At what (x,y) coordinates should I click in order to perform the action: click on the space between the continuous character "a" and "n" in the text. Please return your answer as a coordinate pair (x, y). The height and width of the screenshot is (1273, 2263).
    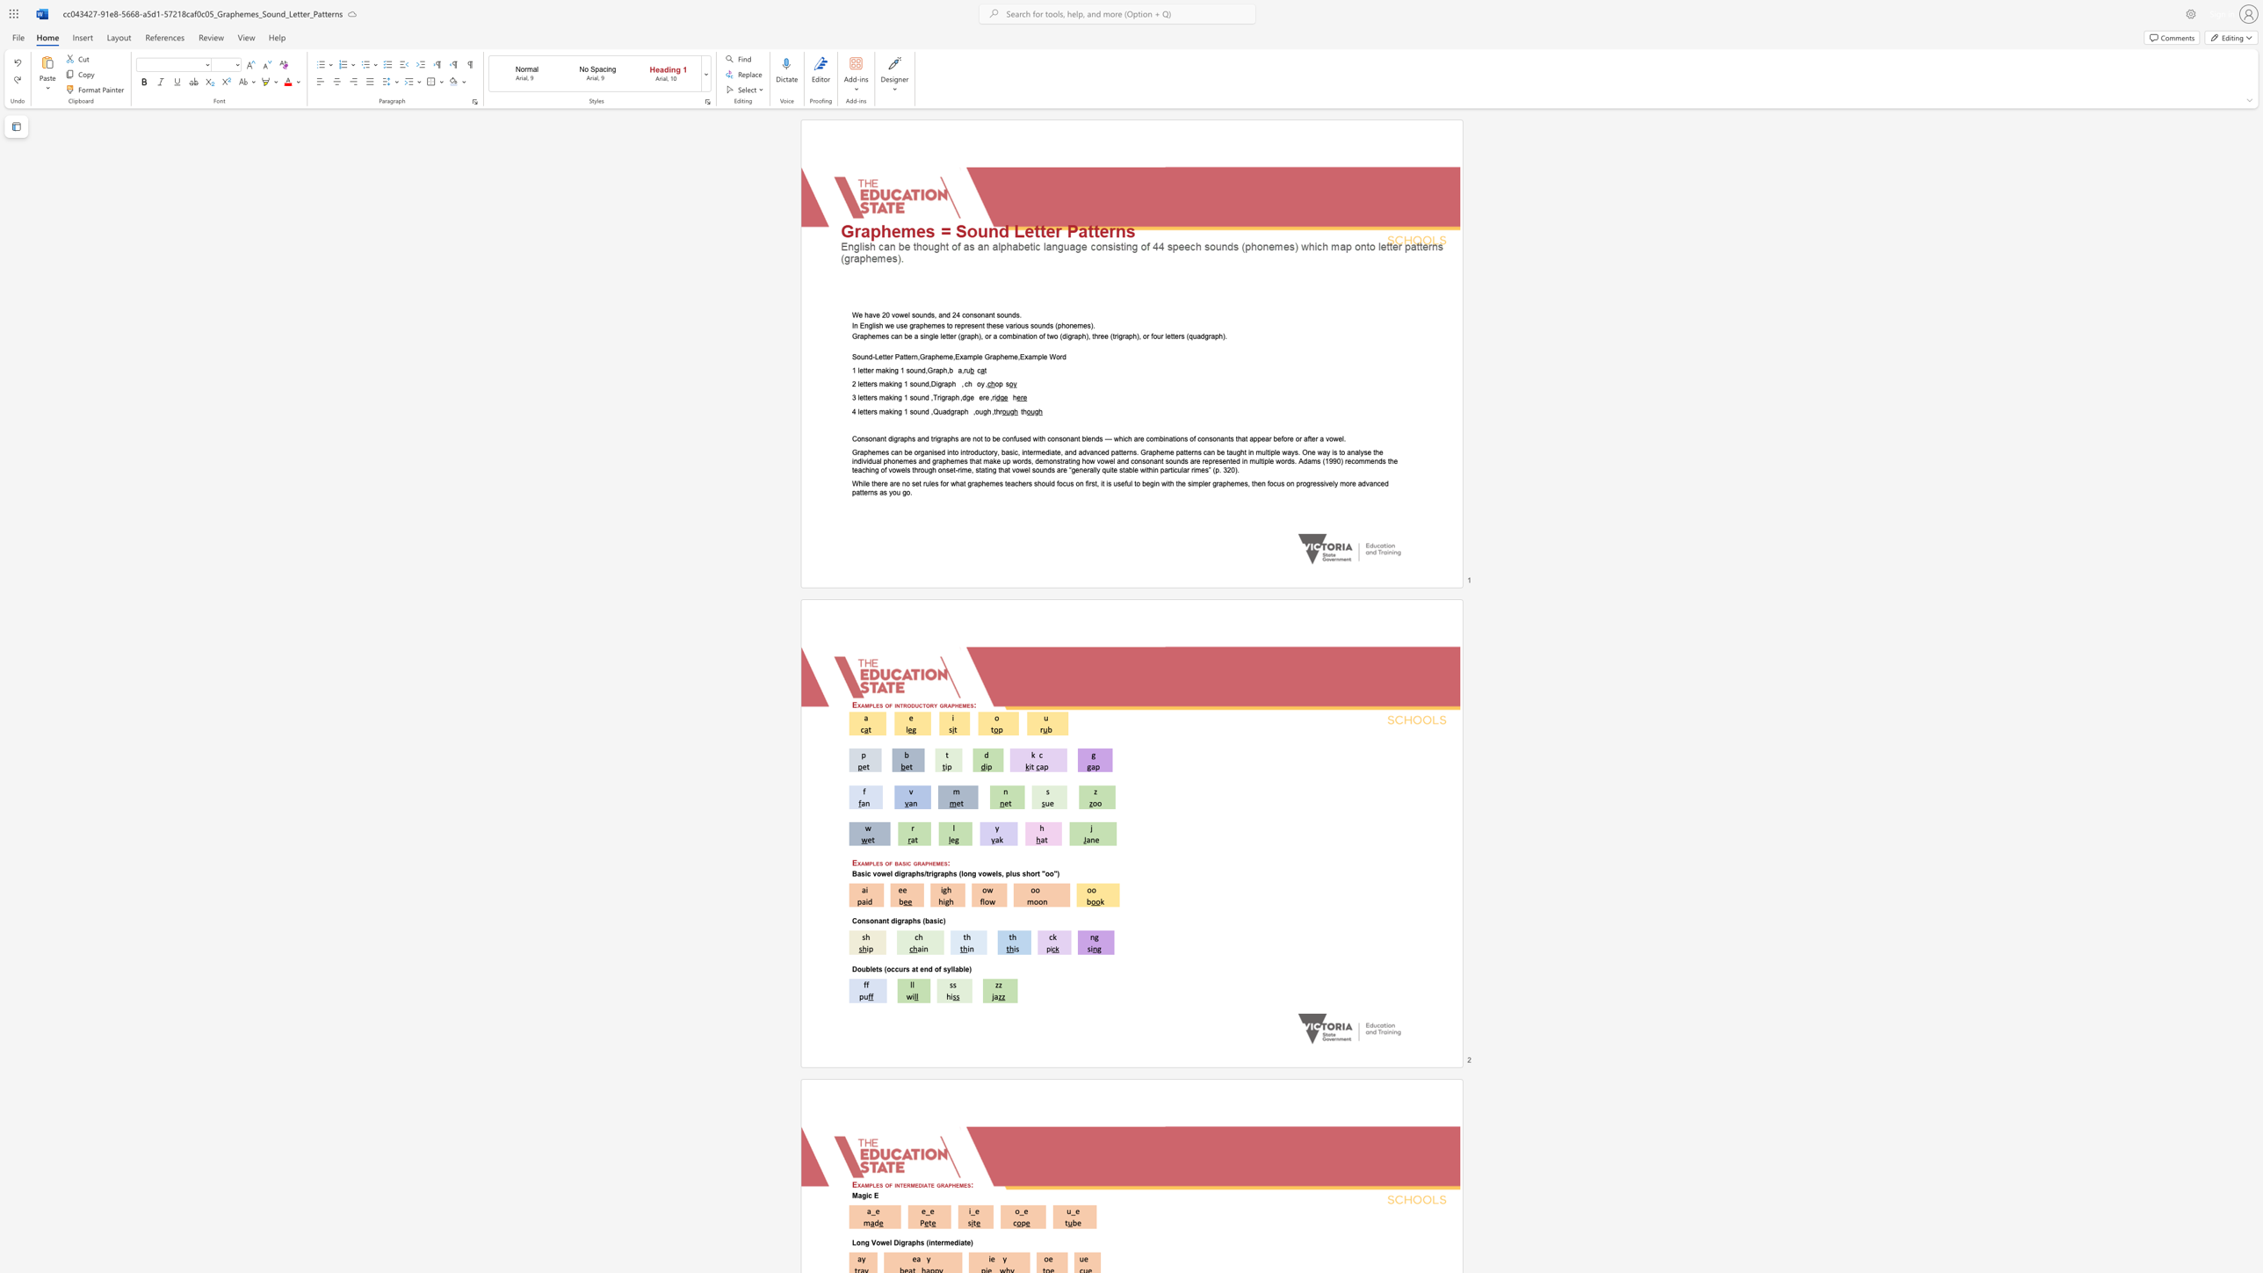
    Looking at the image, I should click on (882, 920).